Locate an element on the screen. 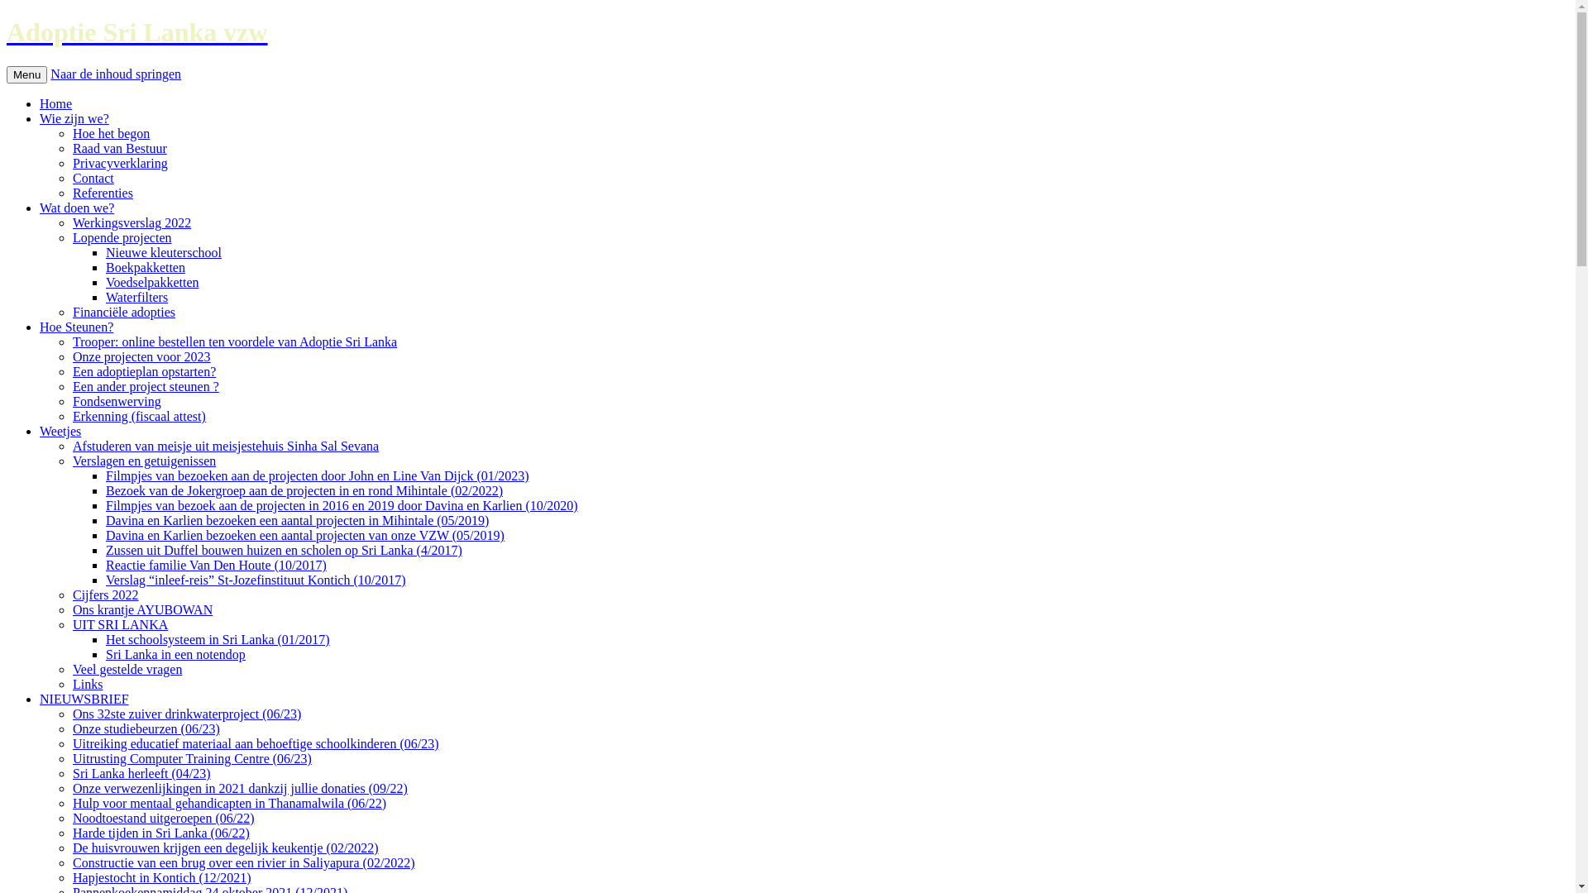 Image resolution: width=1588 pixels, height=893 pixels. 'Wie zijn we?' is located at coordinates (74, 117).